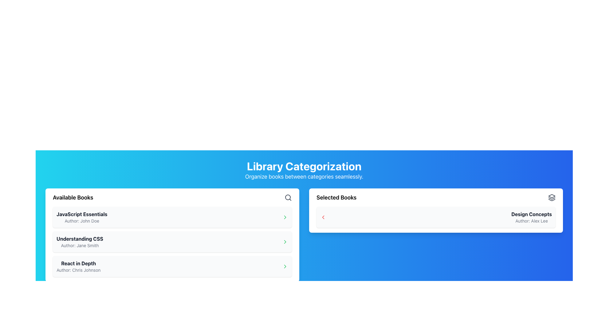  What do you see at coordinates (531, 214) in the screenshot?
I see `the text element 'Design Concepts' which is the topmost text in the card of the 'Selected Books' list, displayed in bold and dark gray color` at bounding box center [531, 214].